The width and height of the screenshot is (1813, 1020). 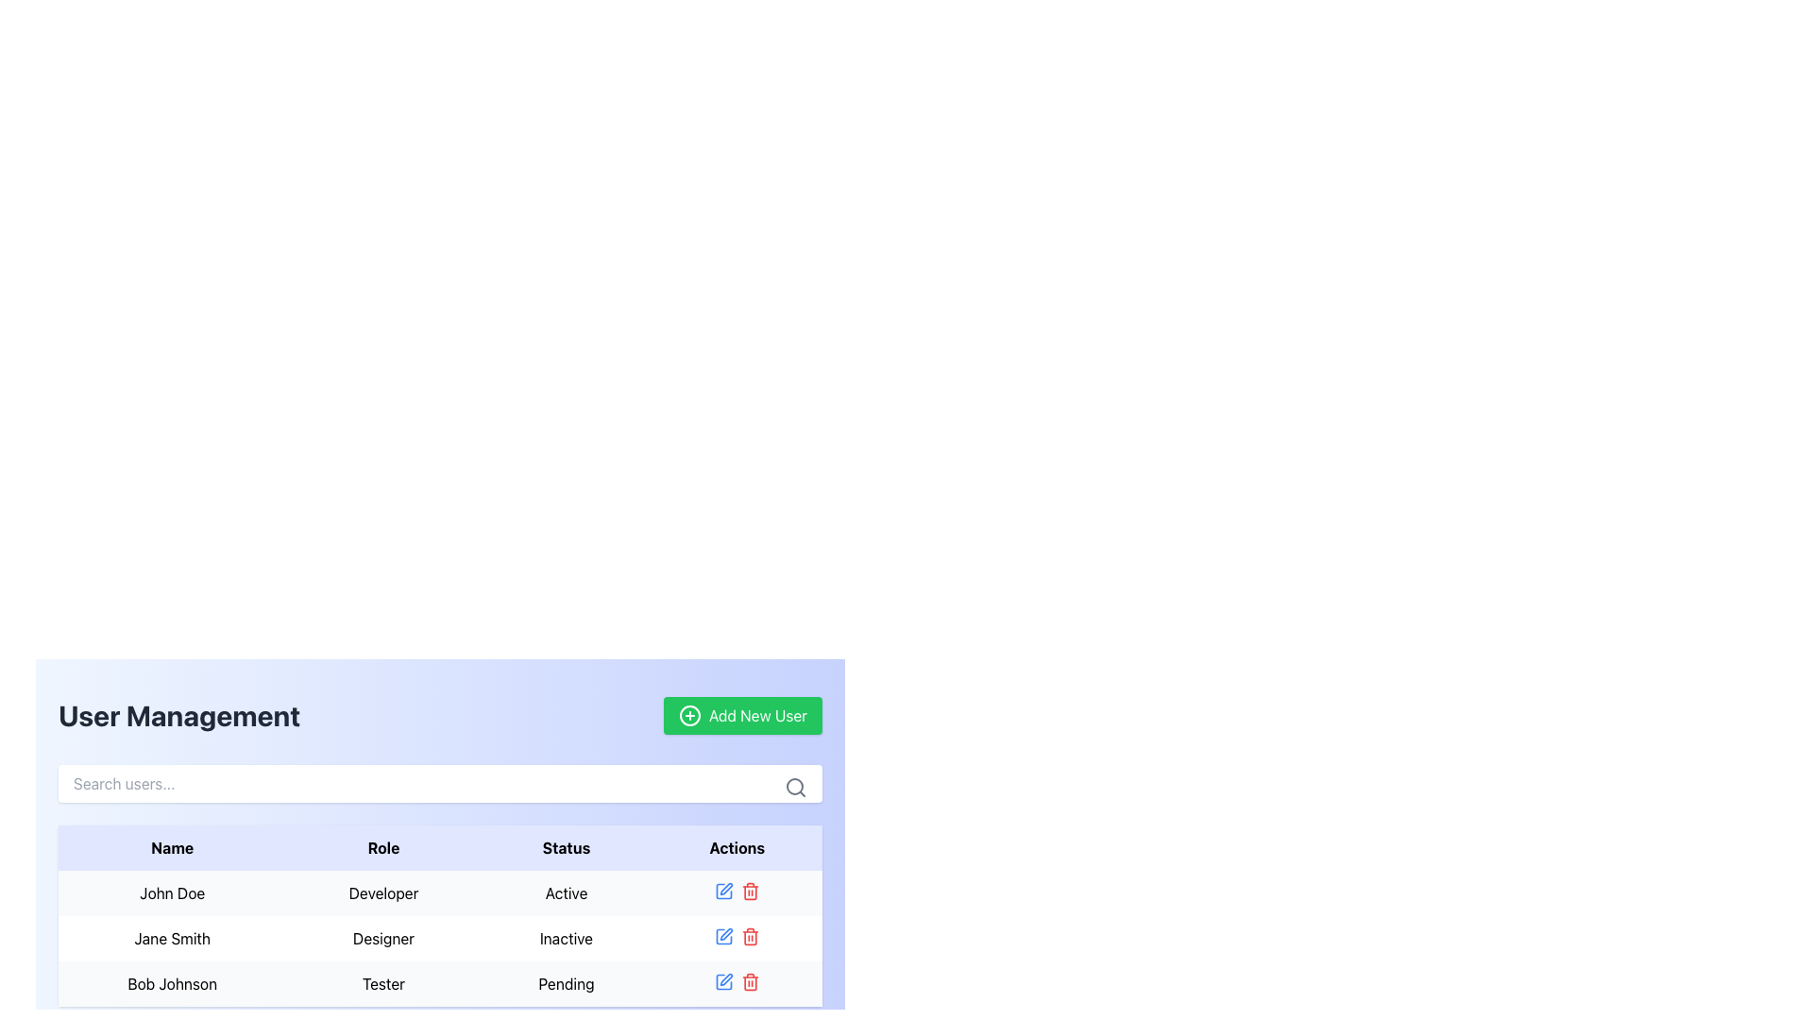 I want to click on the red trash can icon button in the Actions column associated with Bob Johnson's details, so click(x=749, y=981).